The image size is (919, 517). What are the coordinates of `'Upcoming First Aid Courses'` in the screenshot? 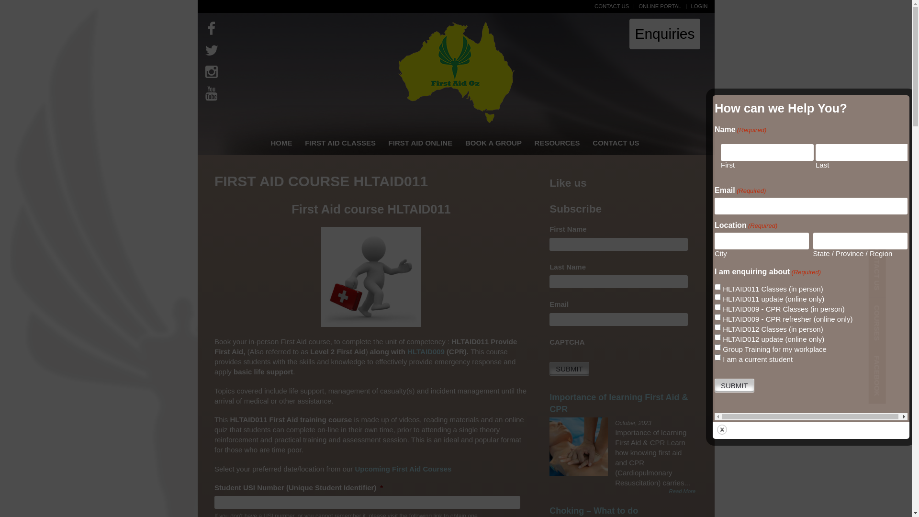 It's located at (403, 468).